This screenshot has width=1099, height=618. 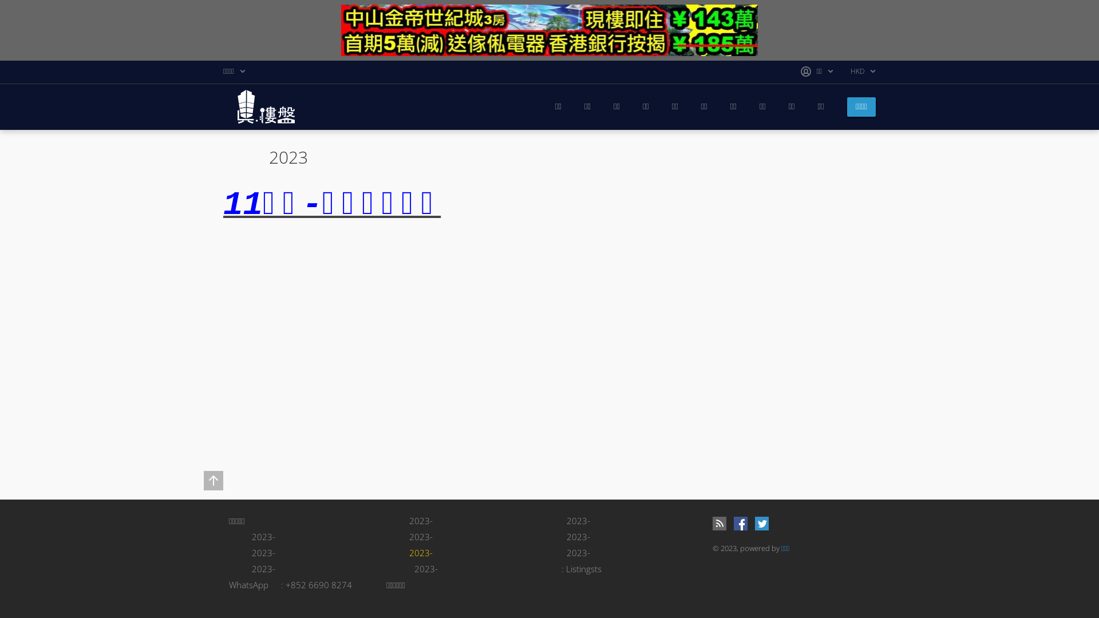 I want to click on 'Join us on Twitter', so click(x=761, y=523).